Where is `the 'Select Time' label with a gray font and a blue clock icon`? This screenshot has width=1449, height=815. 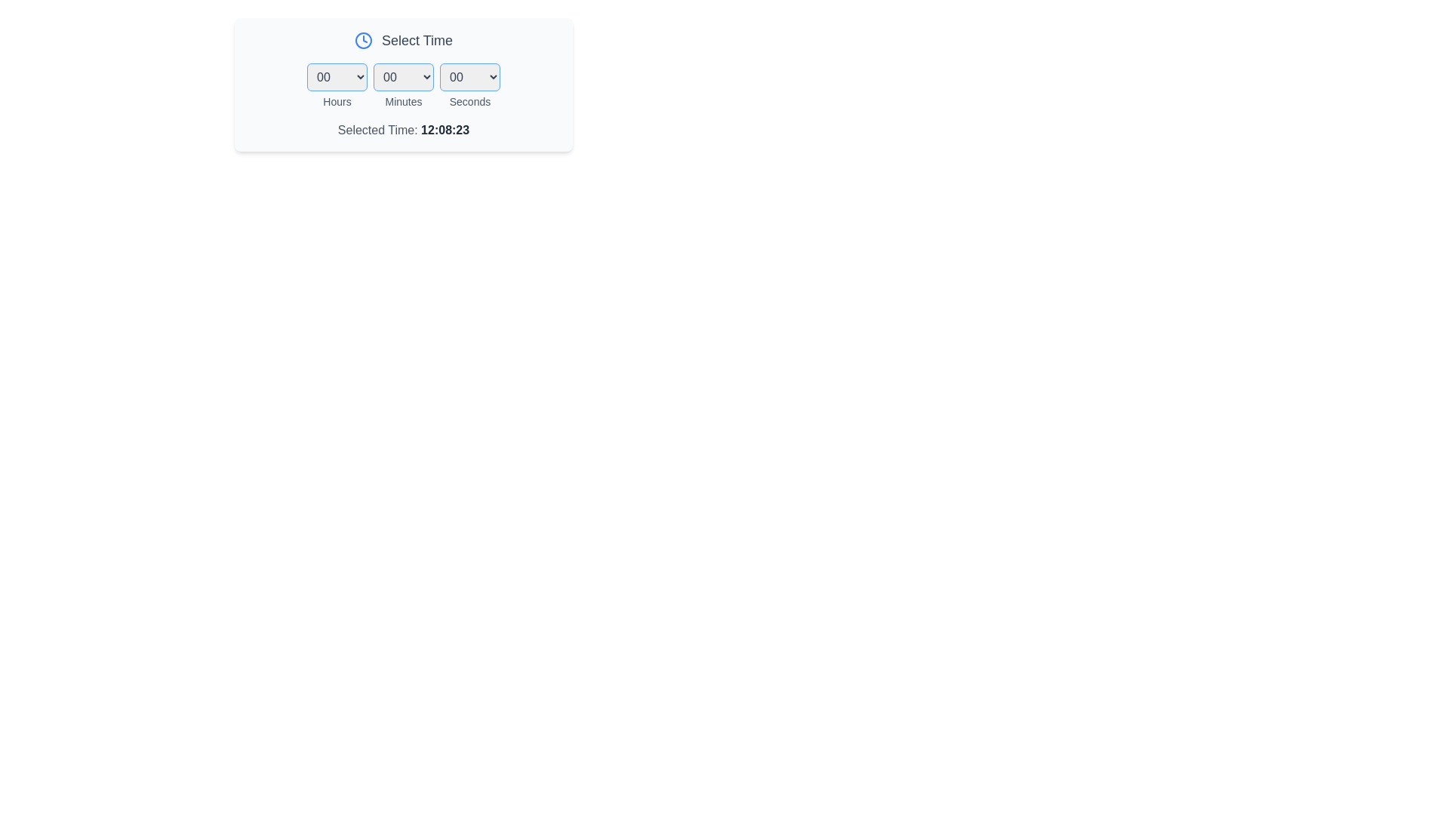 the 'Select Time' label with a gray font and a blue clock icon is located at coordinates (403, 40).